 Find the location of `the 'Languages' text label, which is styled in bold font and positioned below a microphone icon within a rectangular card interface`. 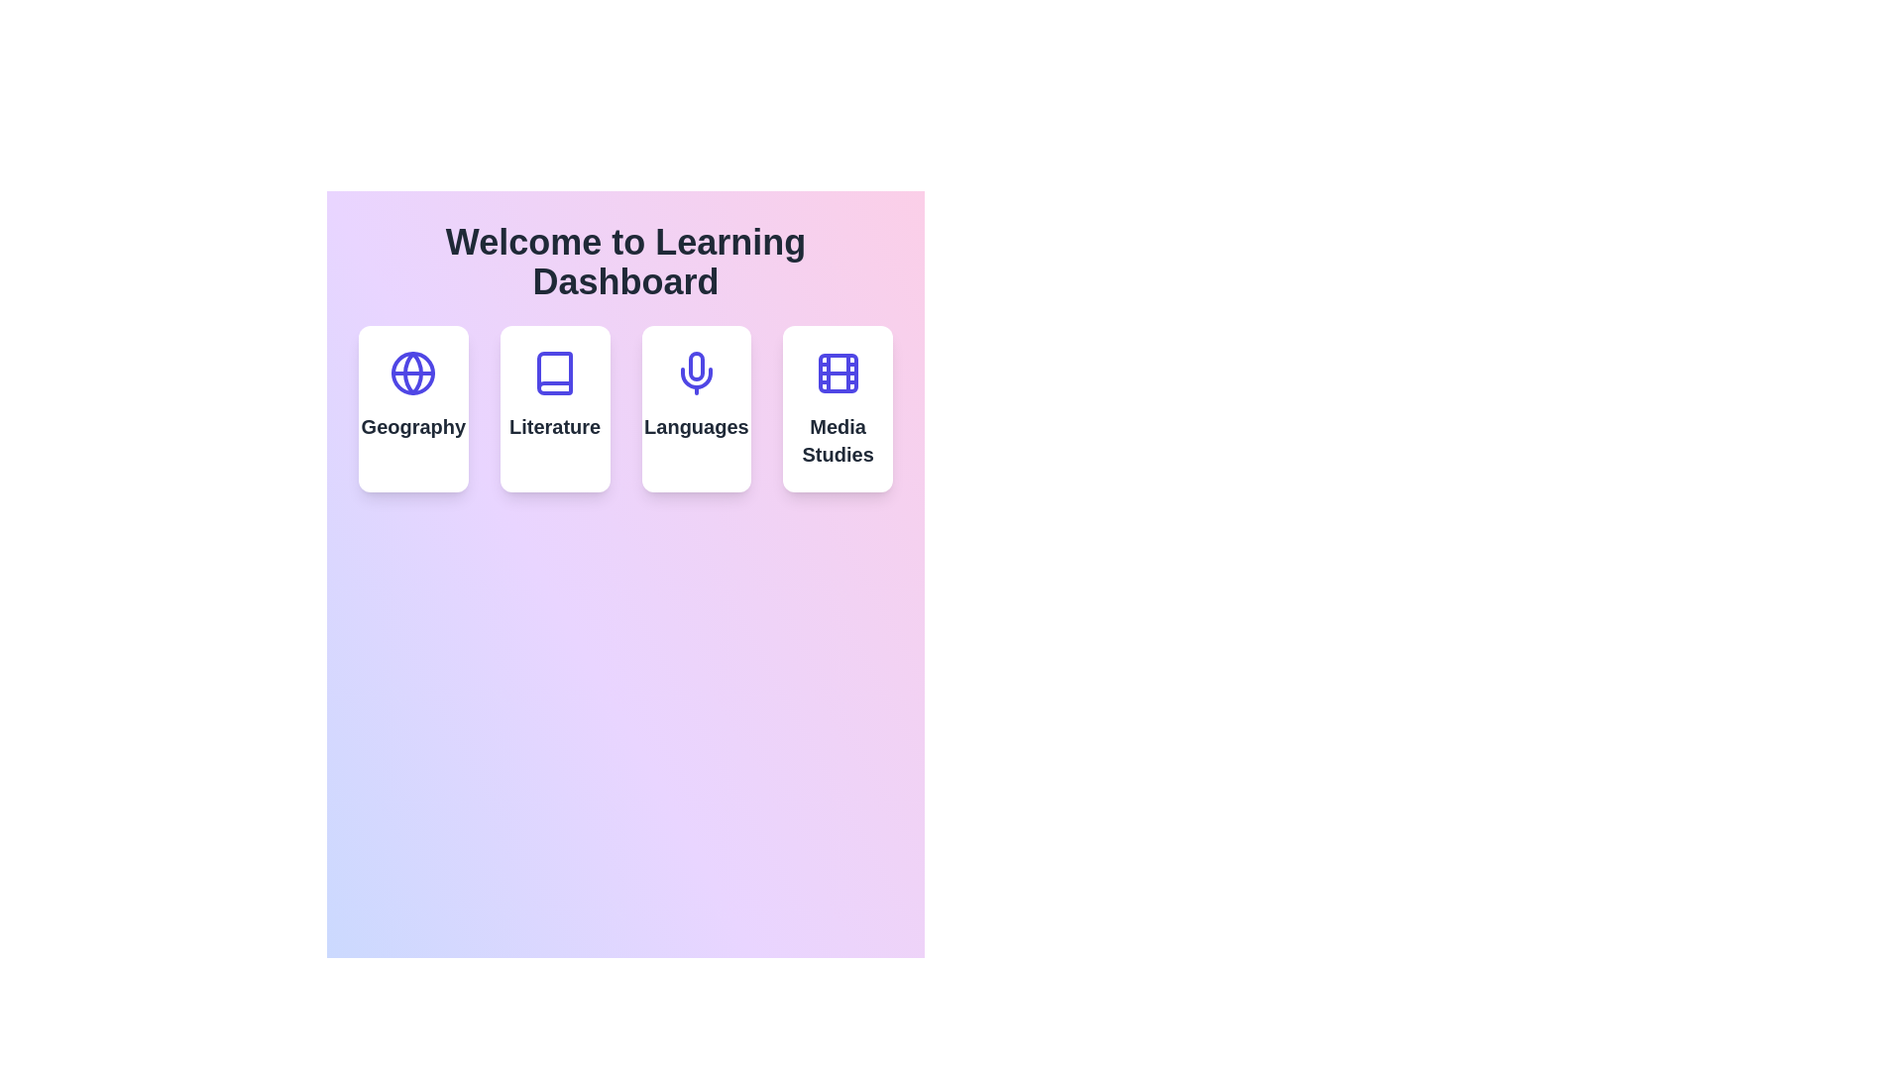

the 'Languages' text label, which is styled in bold font and positioned below a microphone icon within a rectangular card interface is located at coordinates (696, 426).